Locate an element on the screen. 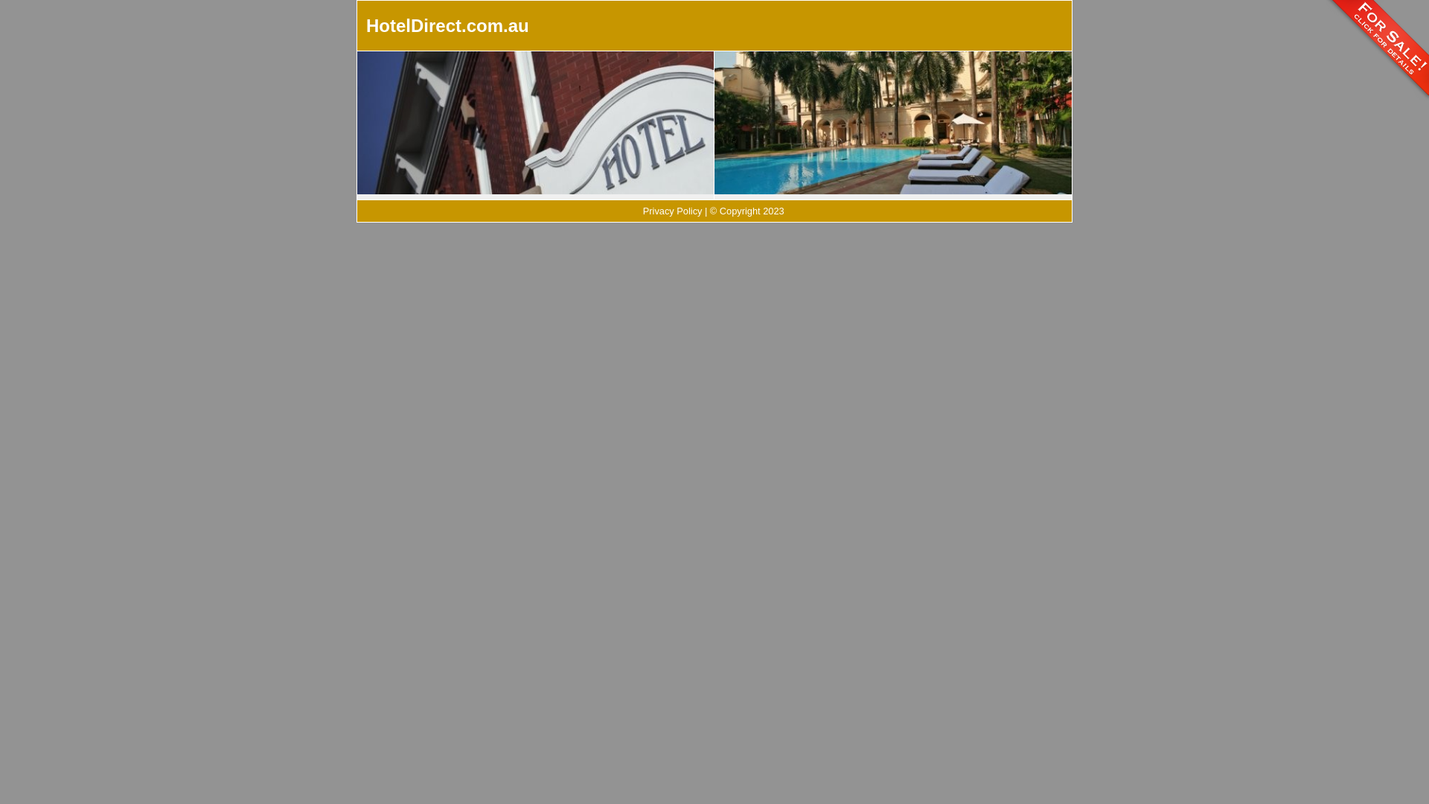 The height and width of the screenshot is (804, 1429). 'HotelDirect.com.au' is located at coordinates (365, 25).